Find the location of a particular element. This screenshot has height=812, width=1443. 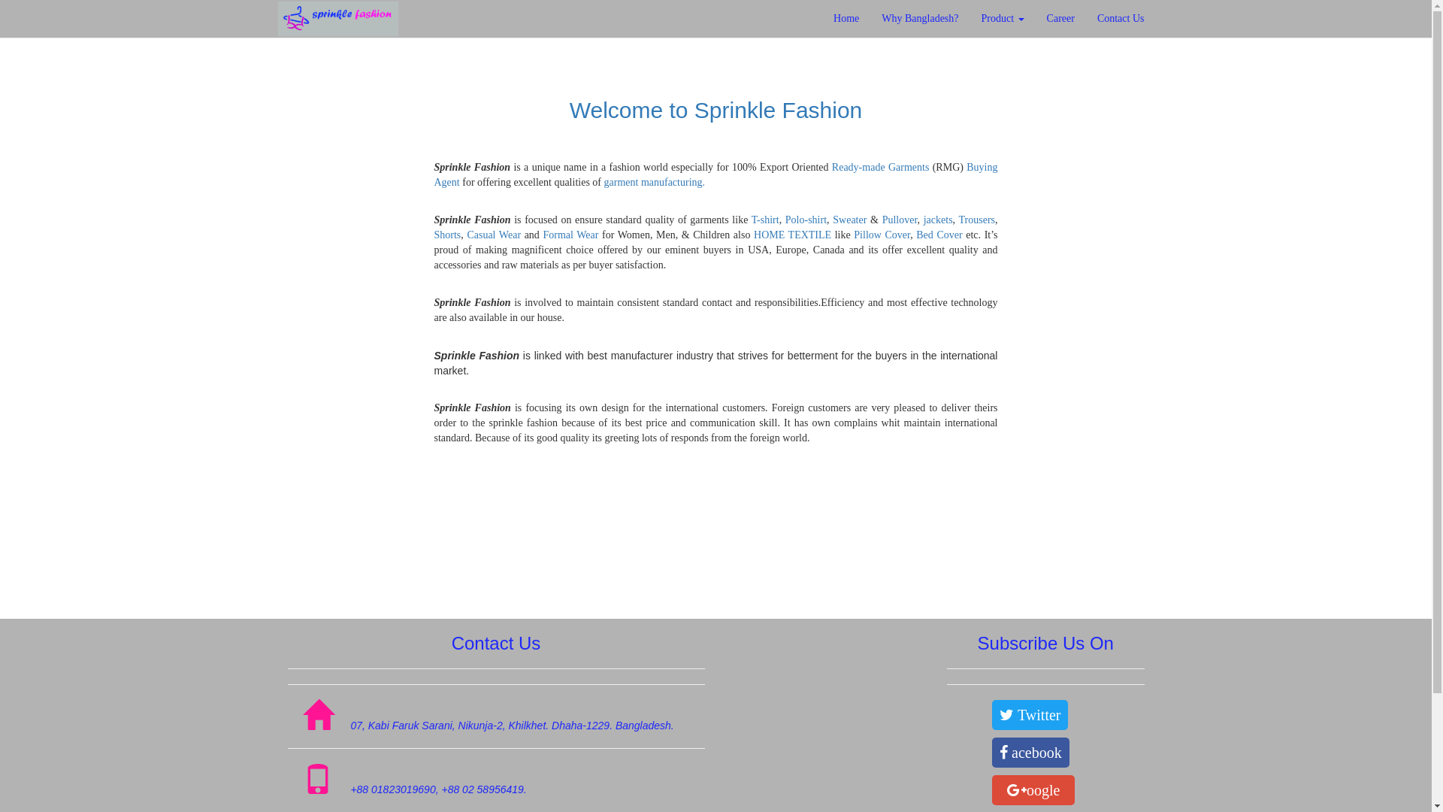

'Sweater' is located at coordinates (851, 220).